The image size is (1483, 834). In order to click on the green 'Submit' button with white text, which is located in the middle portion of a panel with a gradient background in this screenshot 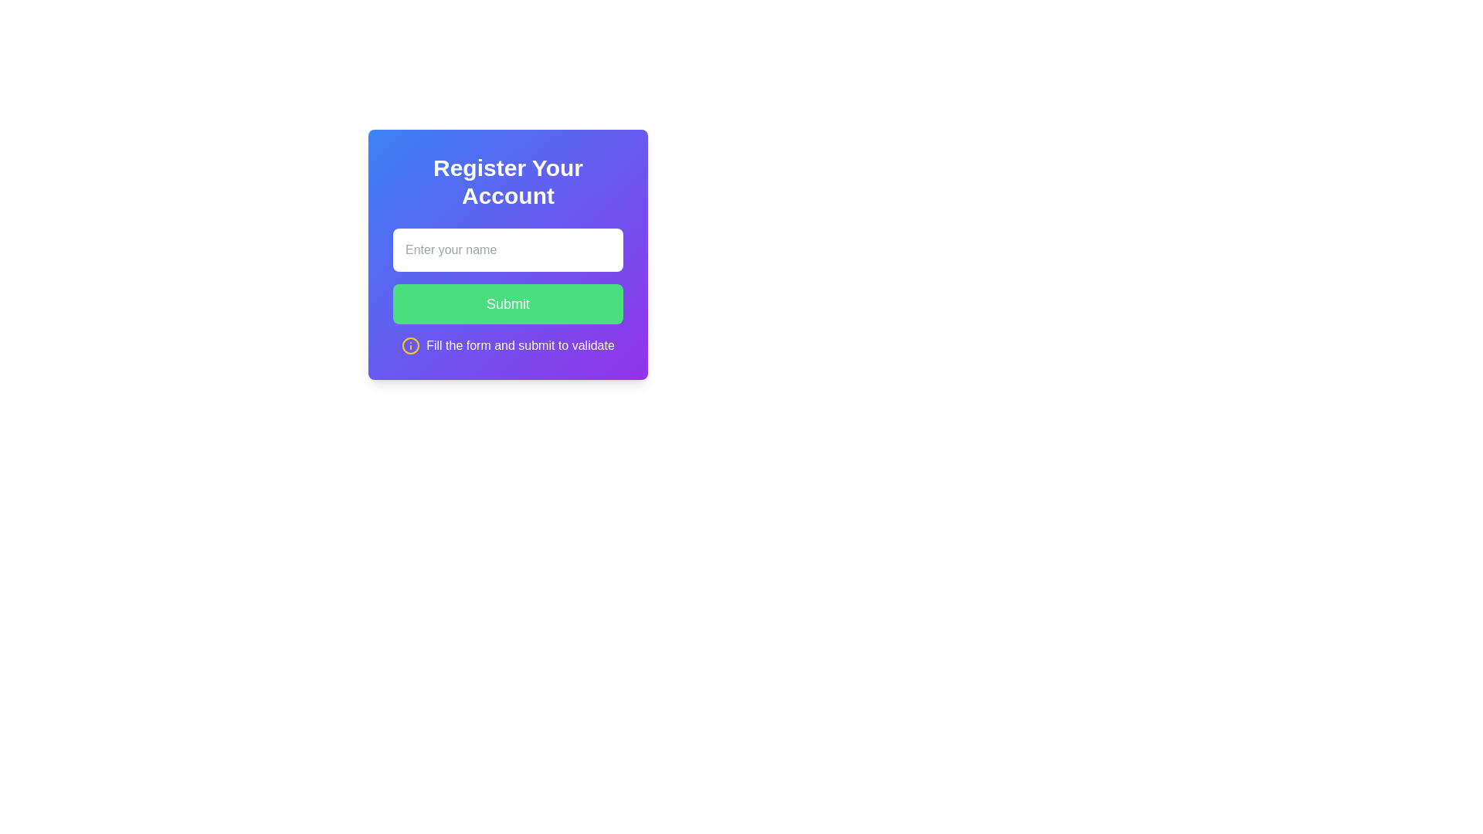, I will do `click(507, 303)`.